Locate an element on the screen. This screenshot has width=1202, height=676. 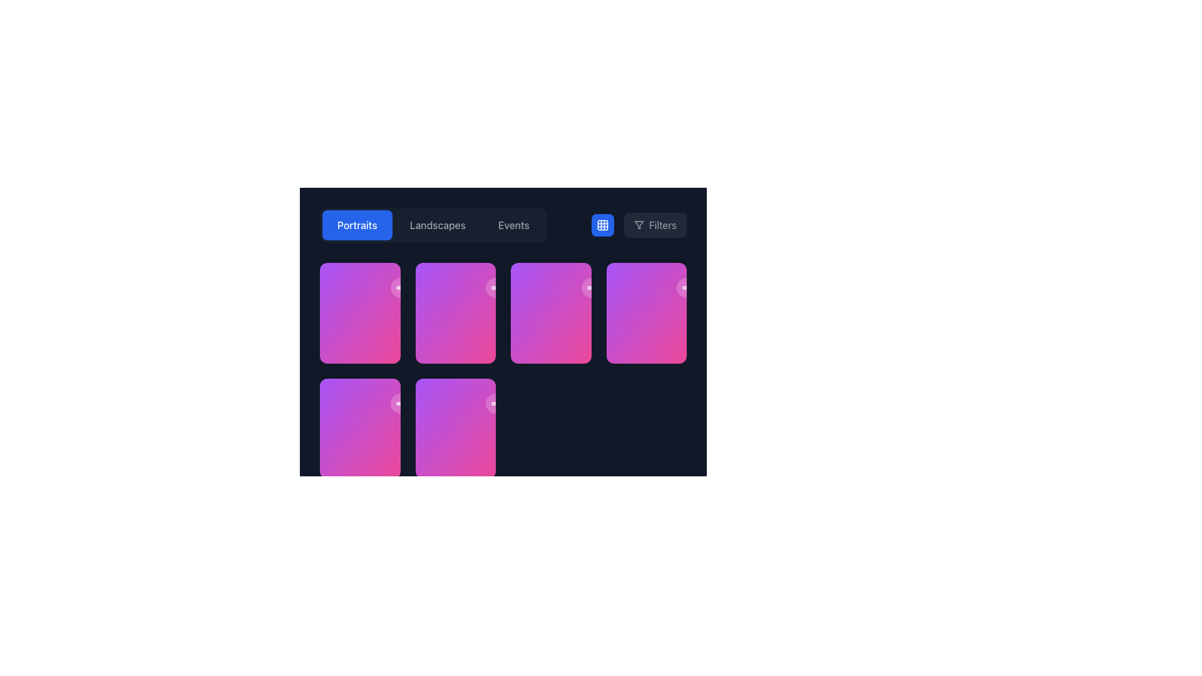
the 'Landscapes' button, which is the second button in a horizontal group located beneath the navigation bar, to change its text color is located at coordinates (438, 224).